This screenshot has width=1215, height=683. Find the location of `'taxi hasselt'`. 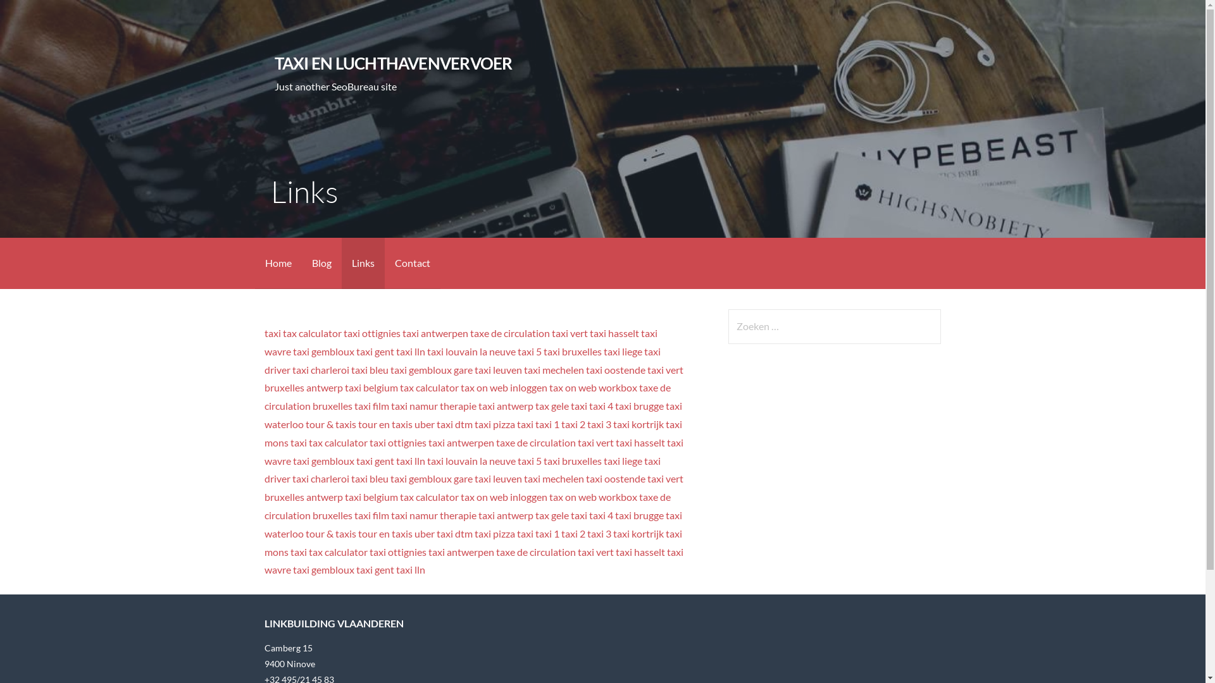

'taxi hasselt' is located at coordinates (614, 332).